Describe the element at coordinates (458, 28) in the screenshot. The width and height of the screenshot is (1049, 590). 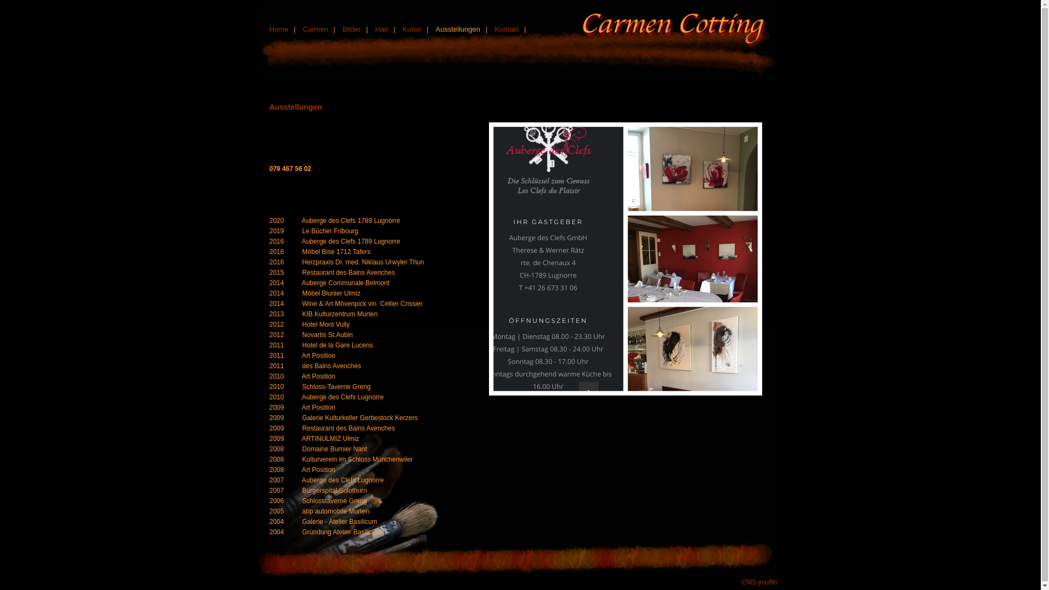
I see `'Ausstellungen'` at that location.